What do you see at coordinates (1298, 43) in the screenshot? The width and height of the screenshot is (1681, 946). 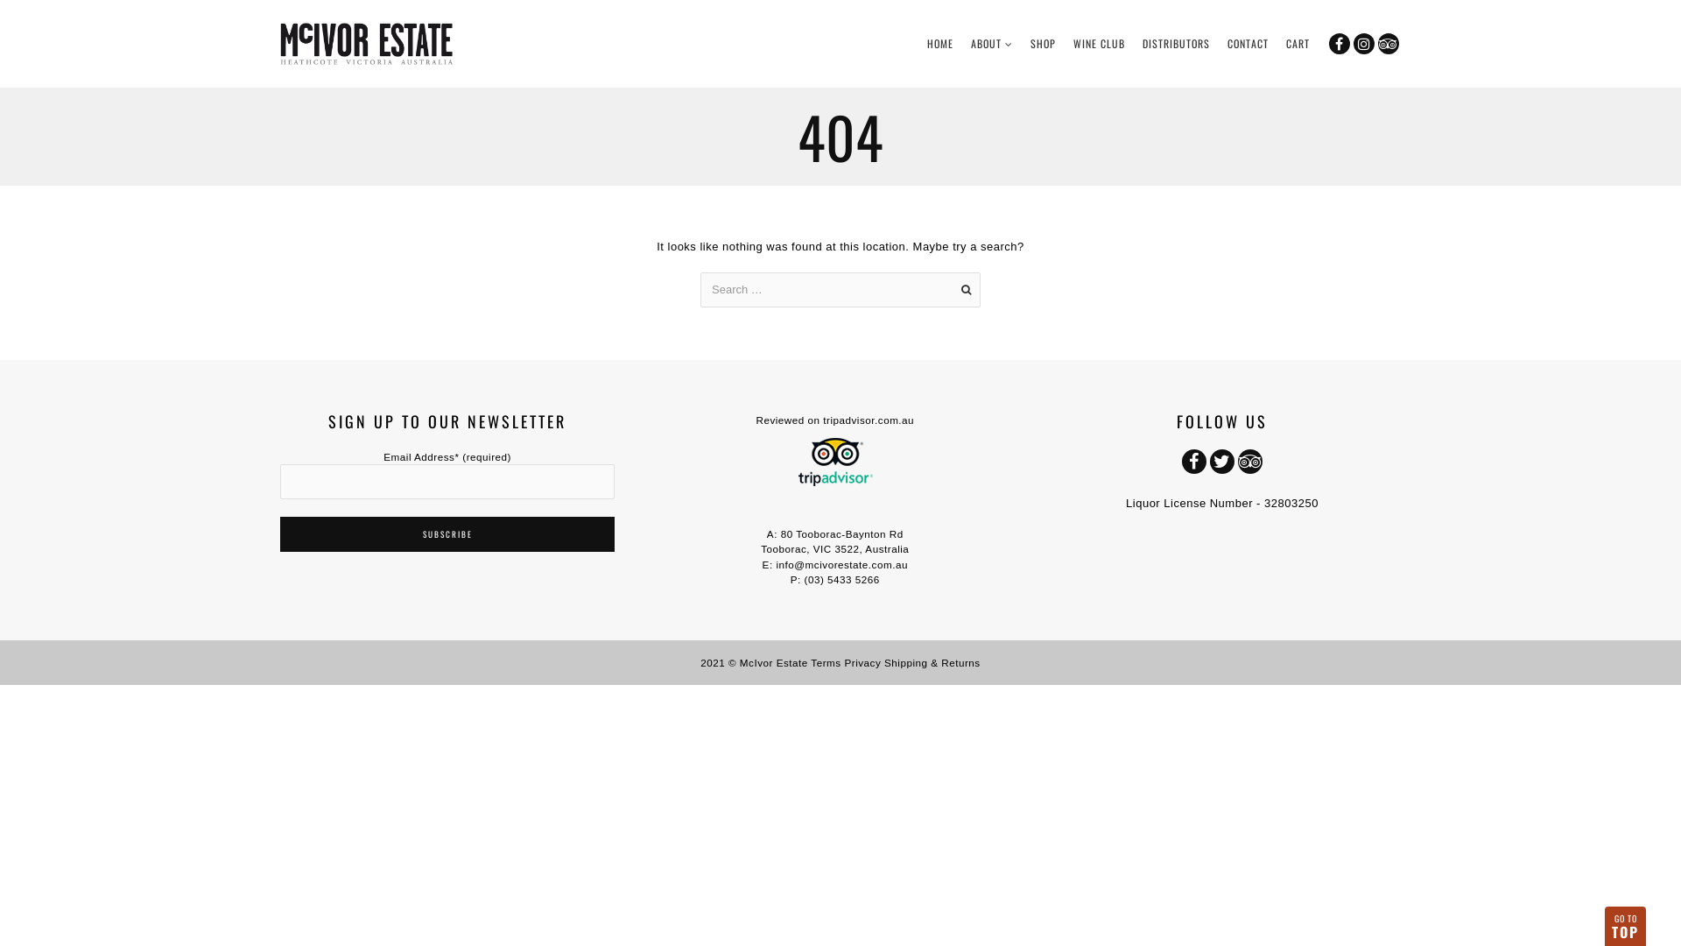 I see `'CART'` at bounding box center [1298, 43].